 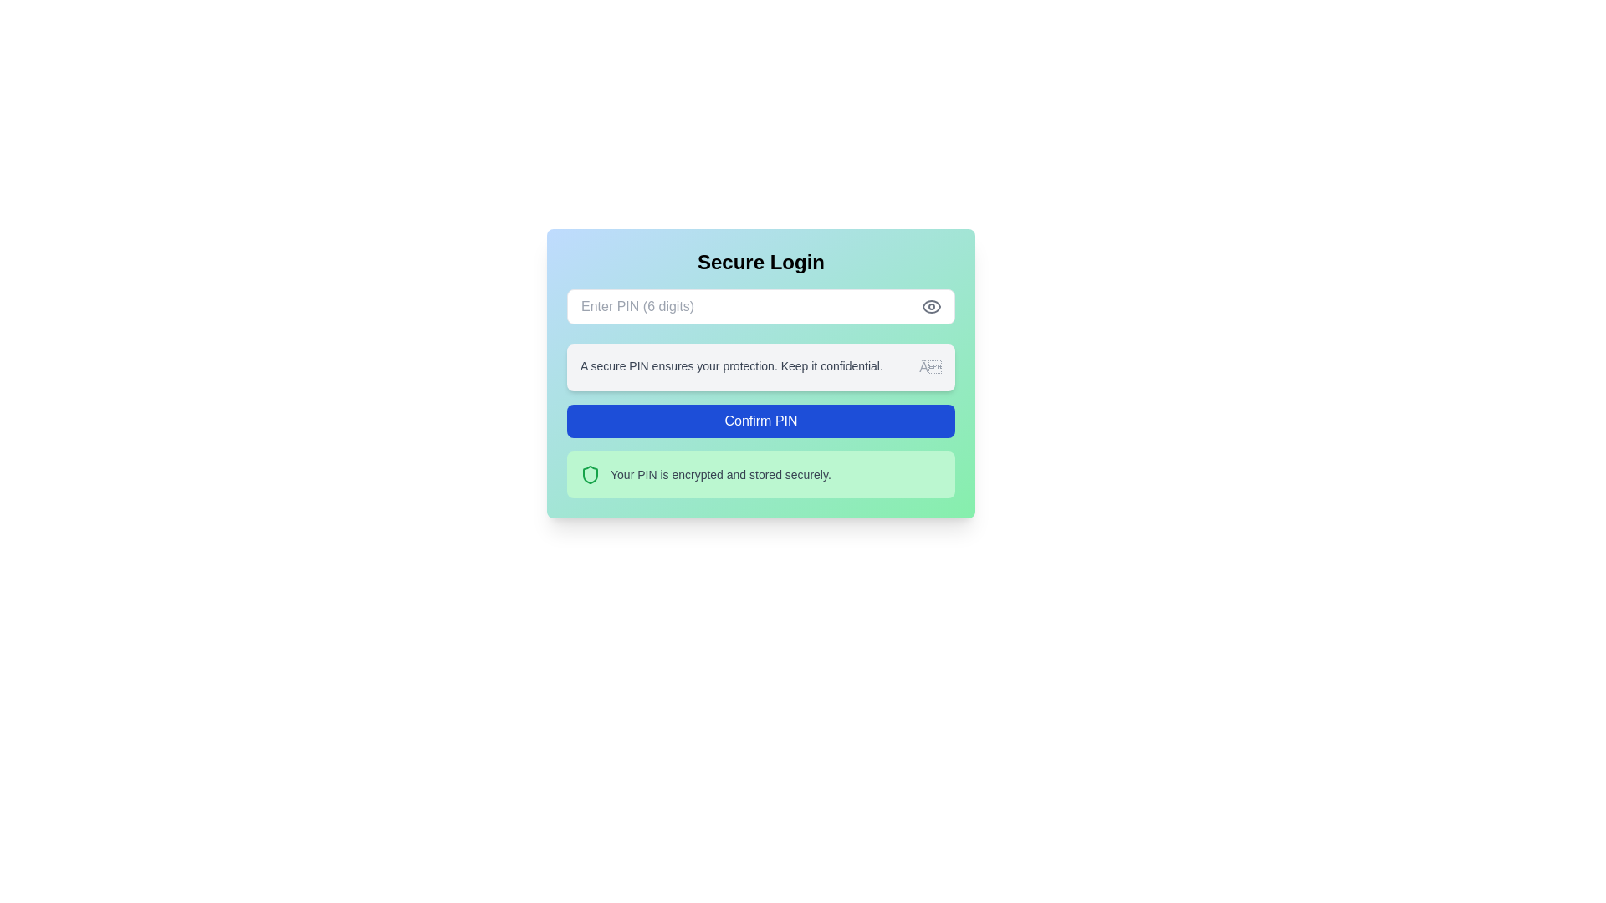 What do you see at coordinates (760, 421) in the screenshot?
I see `the confirmation button for PIN input located within the 'Secure Login' section by` at bounding box center [760, 421].